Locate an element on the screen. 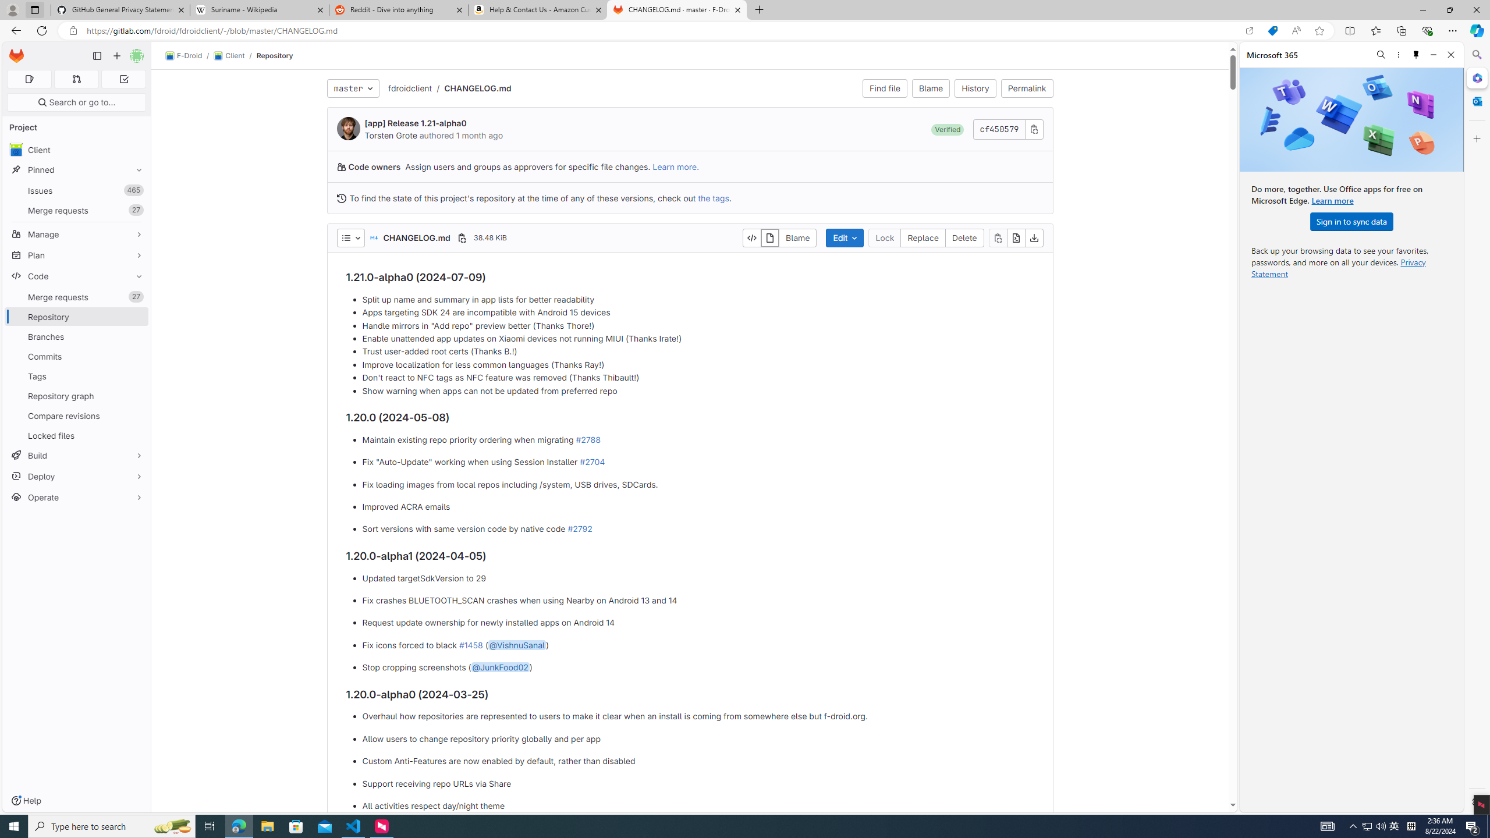 The image size is (1490, 838). 'Branches' is located at coordinates (76, 336).